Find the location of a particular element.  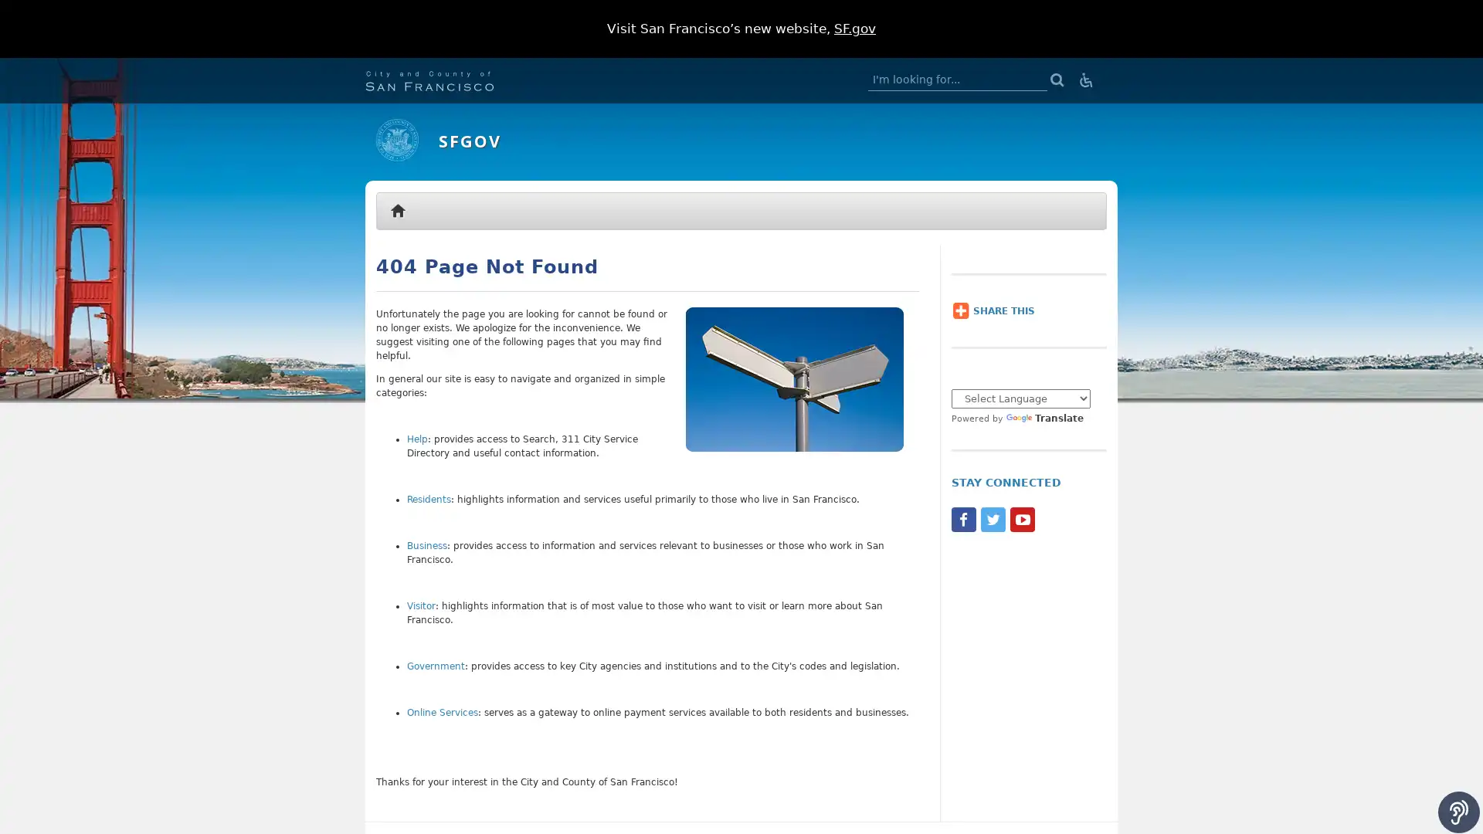

Listen with the ReachDeck Toolbar is located at coordinates (1458, 812).